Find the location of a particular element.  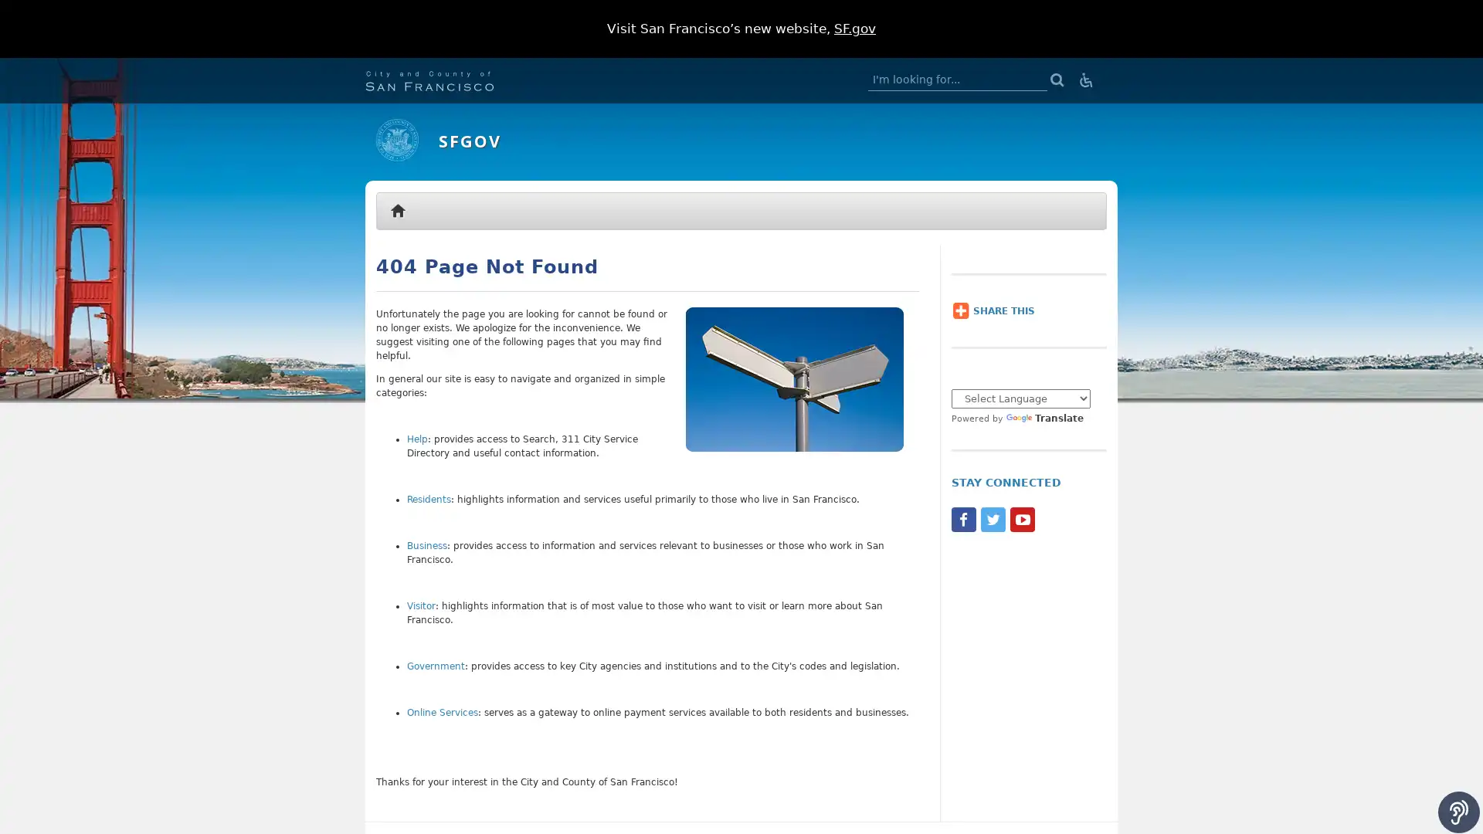

Listen with the ReachDeck Toolbar is located at coordinates (1458, 812).